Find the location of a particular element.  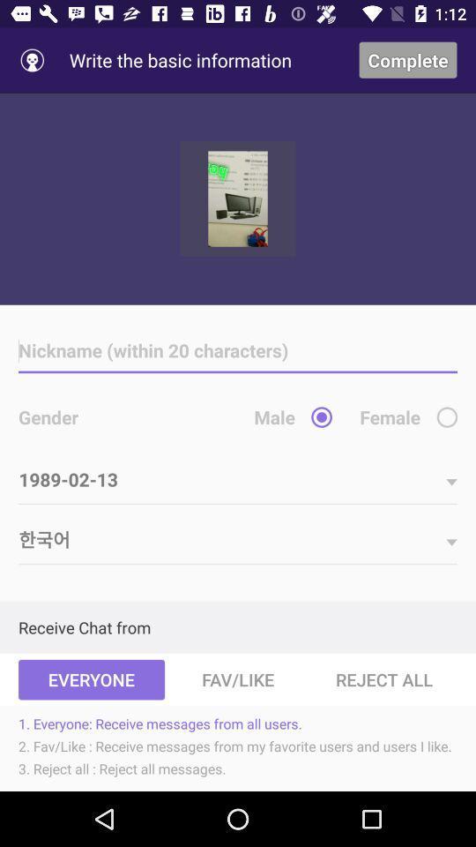

enlarge image is located at coordinates (238, 199).